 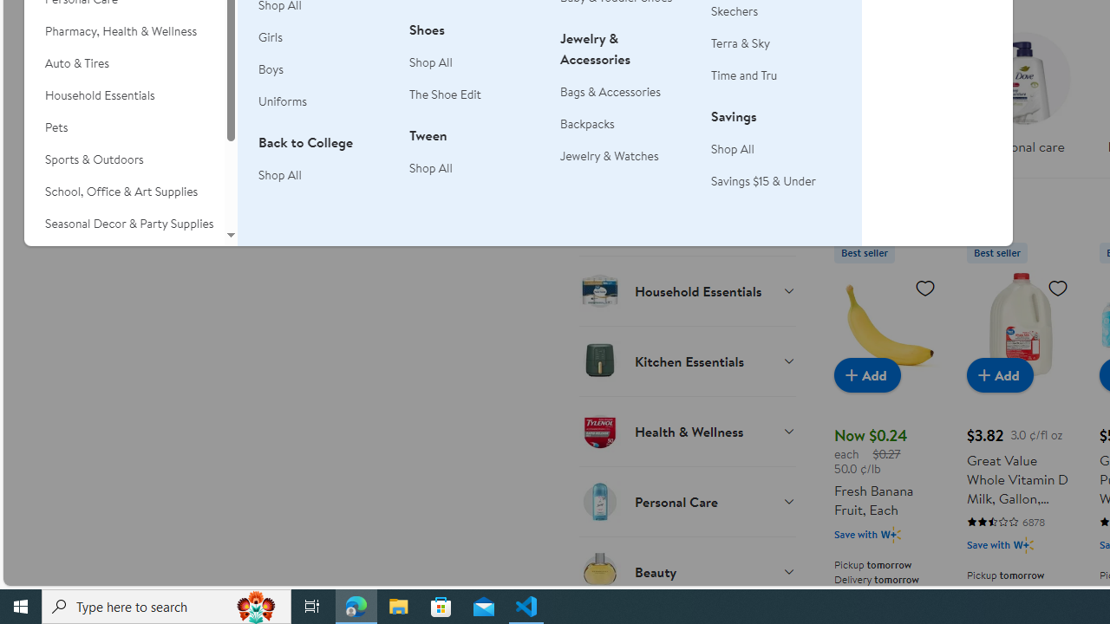 I want to click on 'TweenShop All', so click(x=474, y=161).